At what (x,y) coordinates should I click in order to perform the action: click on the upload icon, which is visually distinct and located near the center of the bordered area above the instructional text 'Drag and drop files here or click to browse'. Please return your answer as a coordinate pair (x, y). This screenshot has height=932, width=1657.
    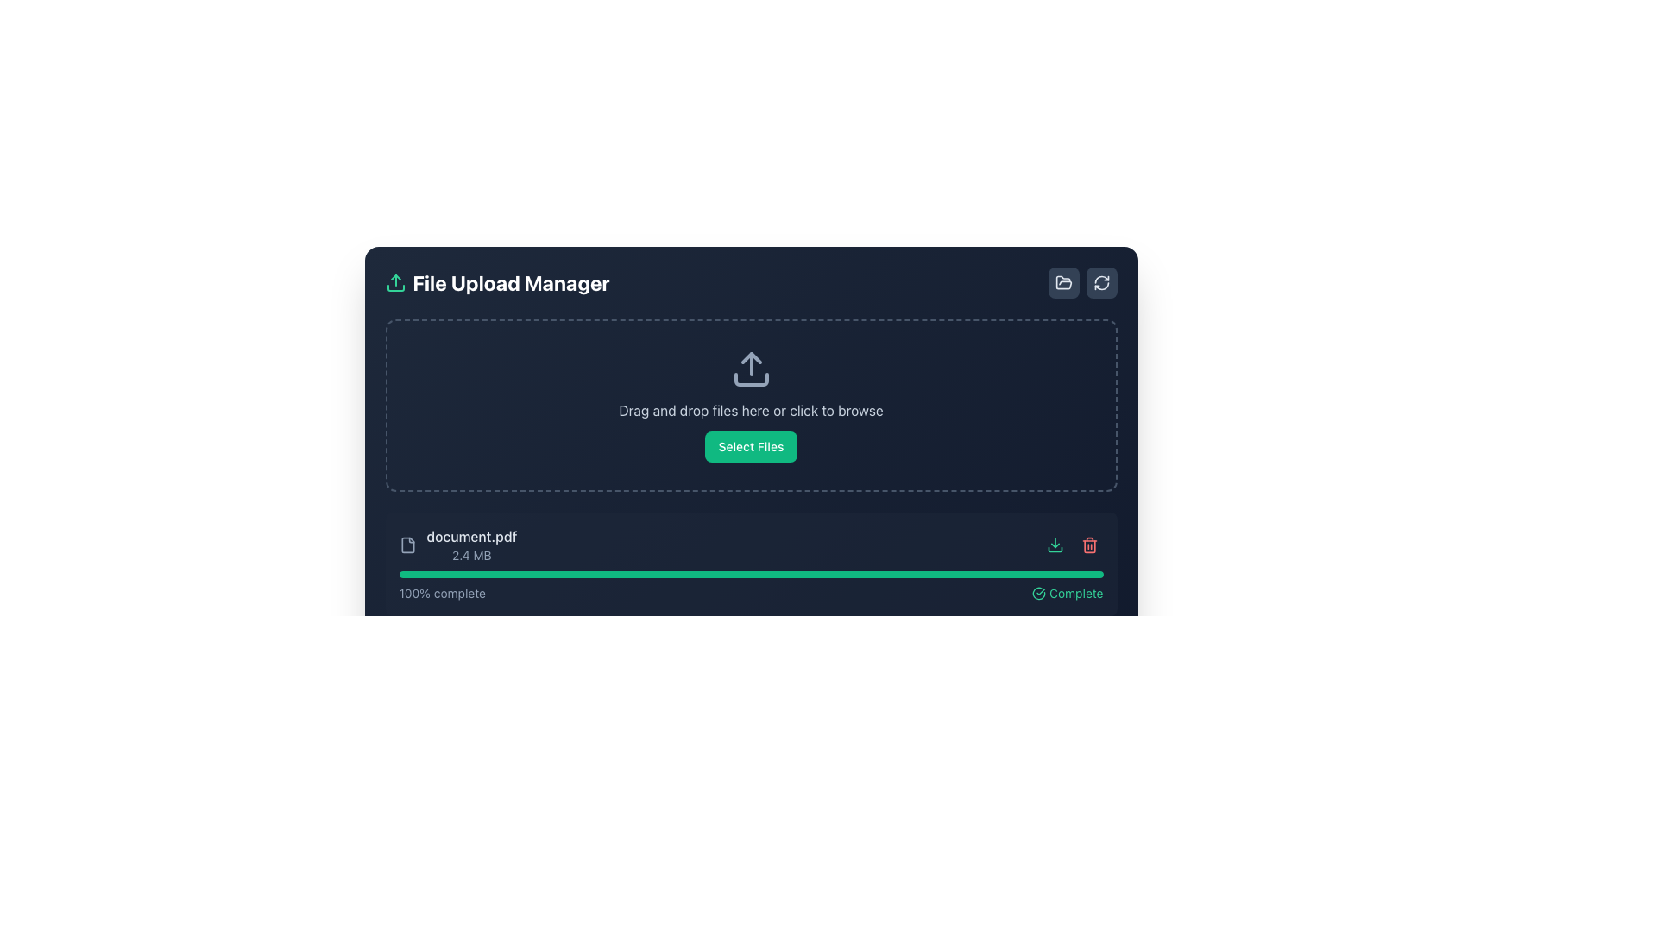
    Looking at the image, I should click on (751, 368).